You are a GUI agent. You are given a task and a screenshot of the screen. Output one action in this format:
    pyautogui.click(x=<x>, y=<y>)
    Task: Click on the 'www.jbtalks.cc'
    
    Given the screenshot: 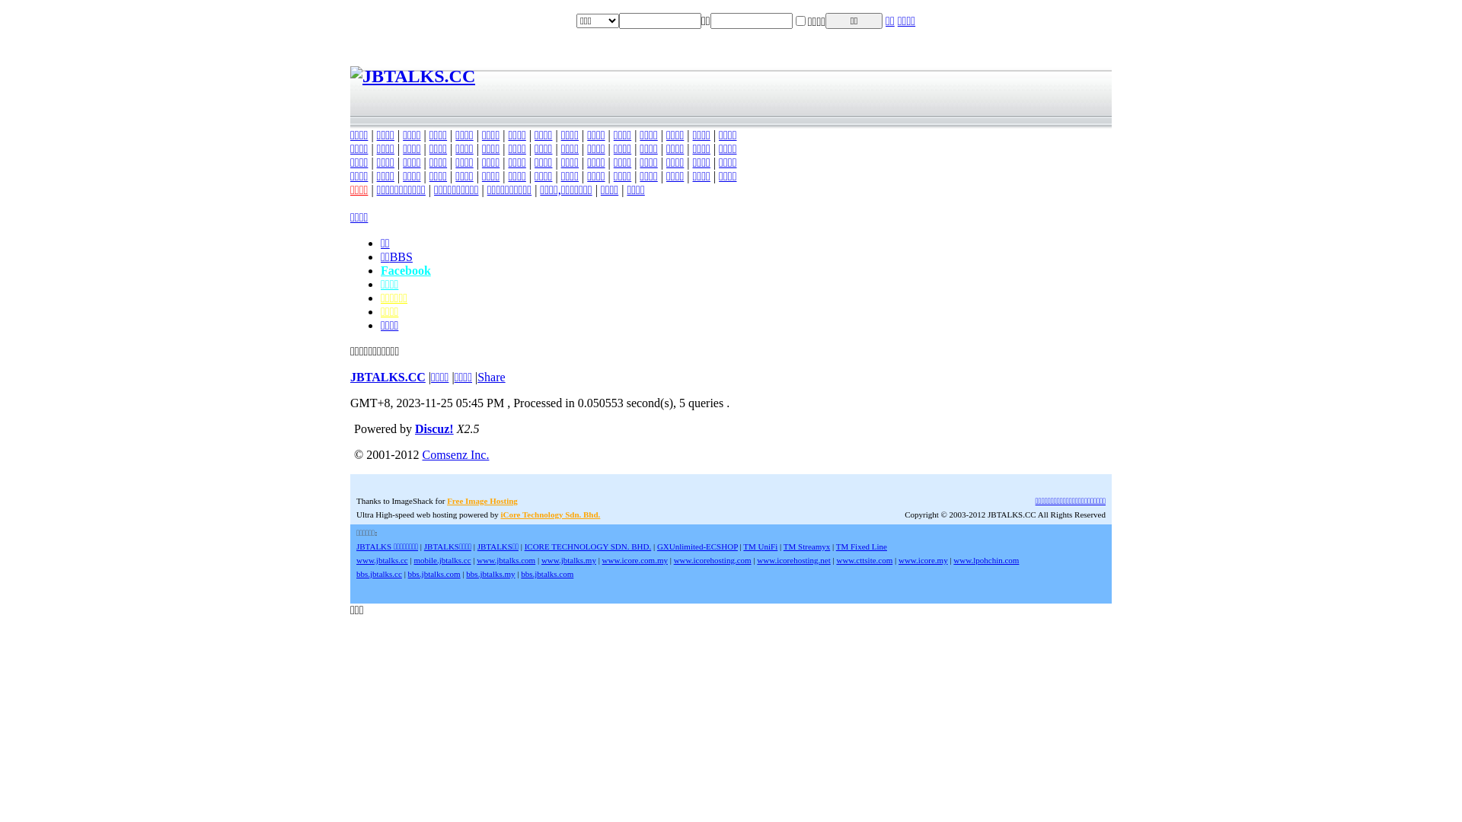 What is the action you would take?
    pyautogui.click(x=382, y=560)
    